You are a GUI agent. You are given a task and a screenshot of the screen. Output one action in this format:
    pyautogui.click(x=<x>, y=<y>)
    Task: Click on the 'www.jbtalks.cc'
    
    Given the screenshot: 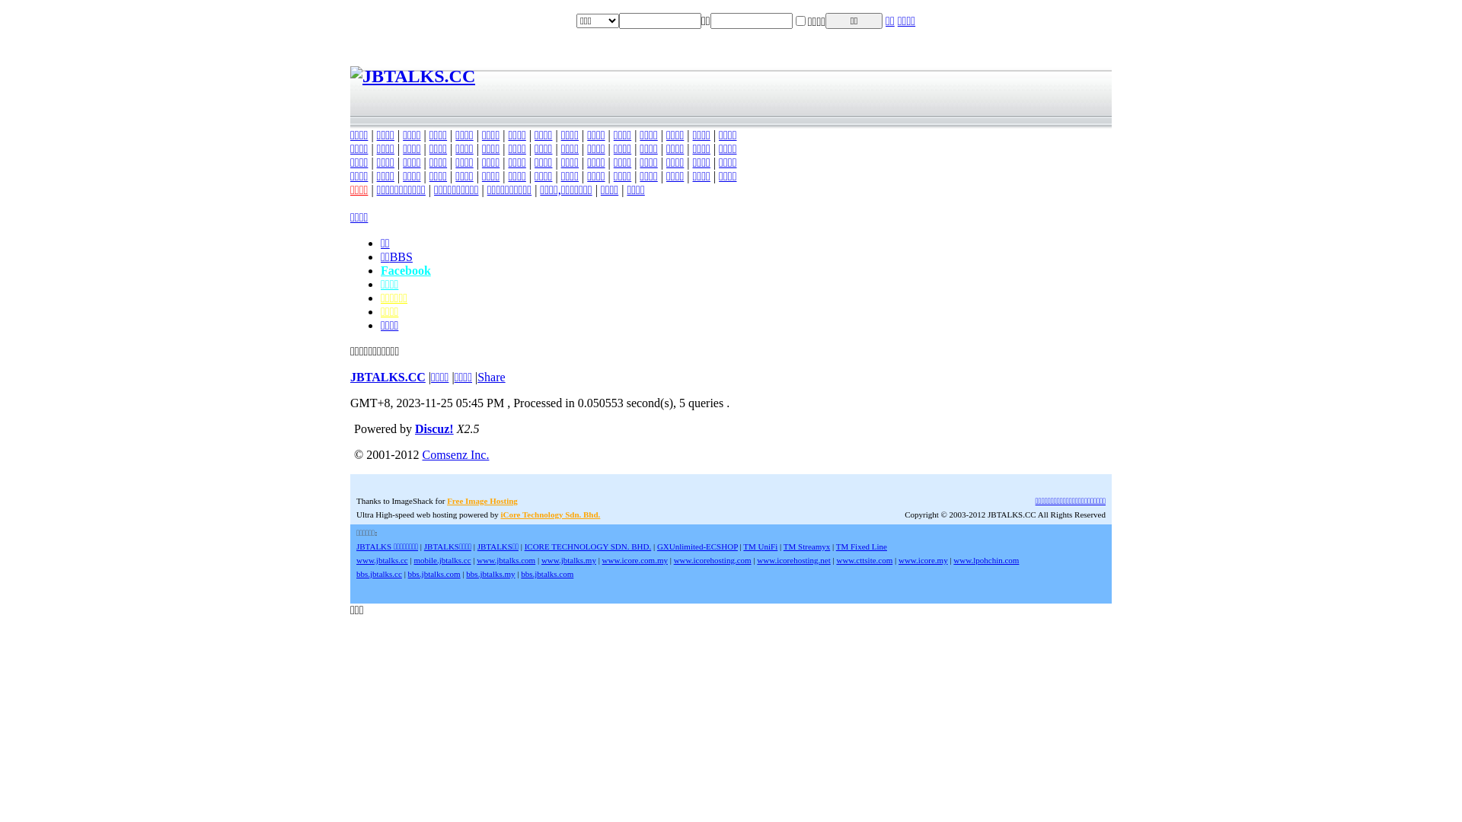 What is the action you would take?
    pyautogui.click(x=382, y=560)
    